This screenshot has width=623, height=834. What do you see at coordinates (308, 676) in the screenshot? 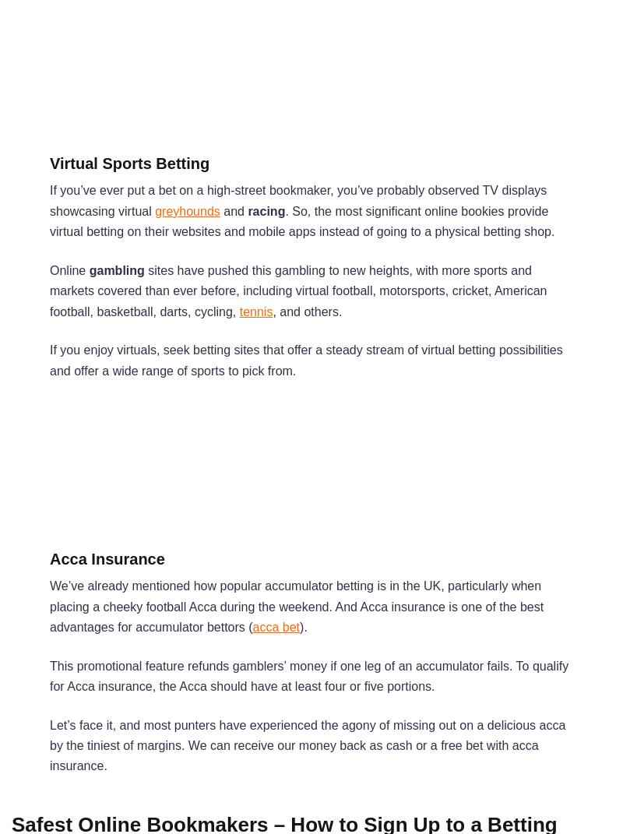
I see `'This promotional feature refunds gamblers’ money if one leg of an accumulator fails. To qualify for Acca insurance, the Acca should have at least four or five portions.'` at bounding box center [308, 676].